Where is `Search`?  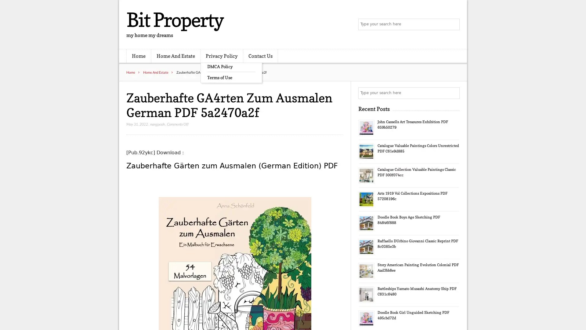
Search is located at coordinates (453, 93).